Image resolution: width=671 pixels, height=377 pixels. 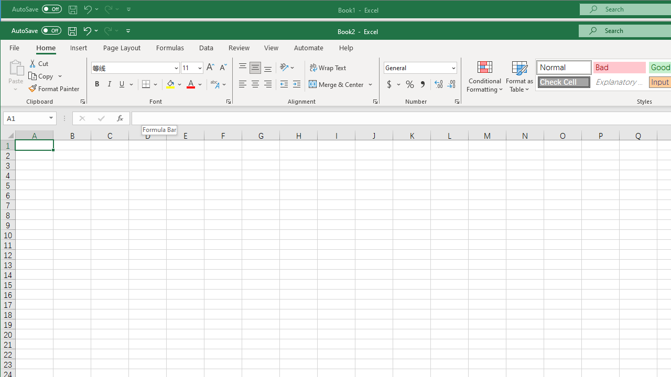 What do you see at coordinates (484, 75) in the screenshot?
I see `'Conditional Formatting'` at bounding box center [484, 75].